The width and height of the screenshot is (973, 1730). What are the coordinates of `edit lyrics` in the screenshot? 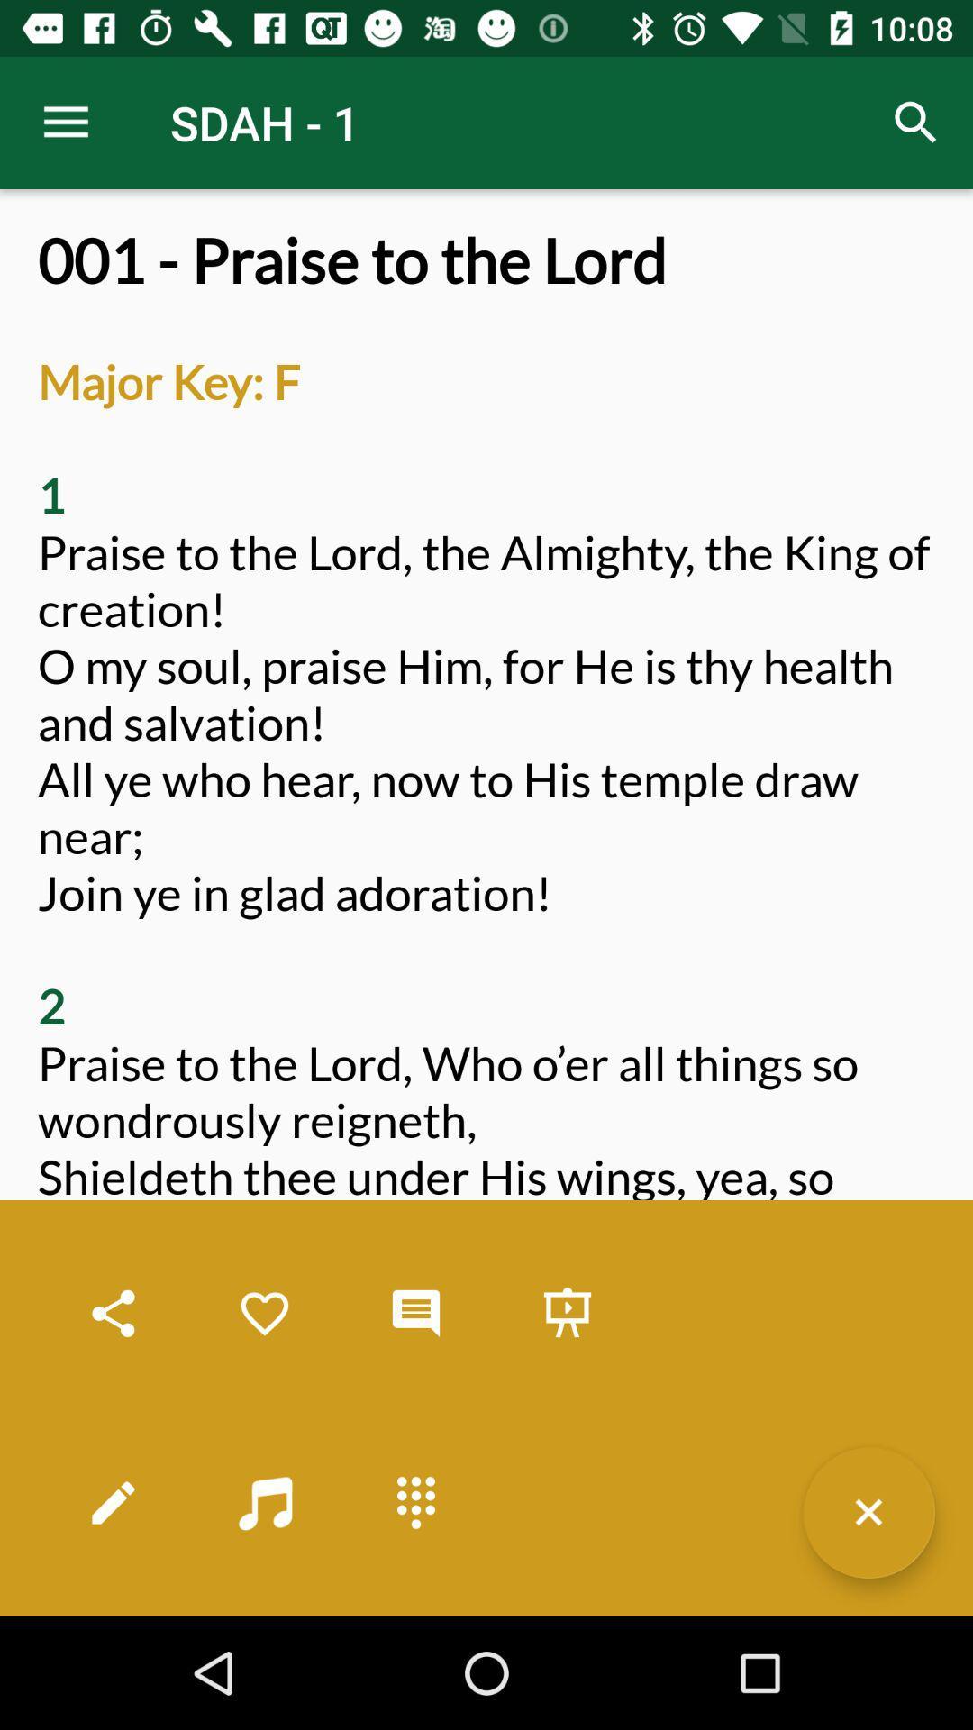 It's located at (114, 1502).